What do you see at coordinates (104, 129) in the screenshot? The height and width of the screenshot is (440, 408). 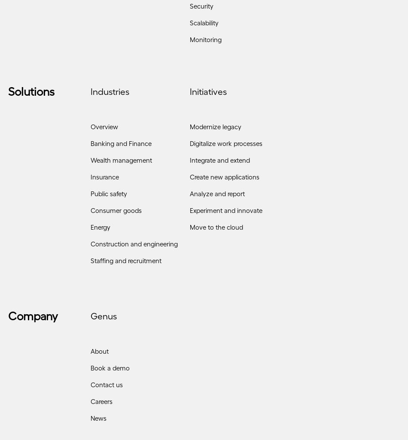 I see `'Overview'` at bounding box center [104, 129].